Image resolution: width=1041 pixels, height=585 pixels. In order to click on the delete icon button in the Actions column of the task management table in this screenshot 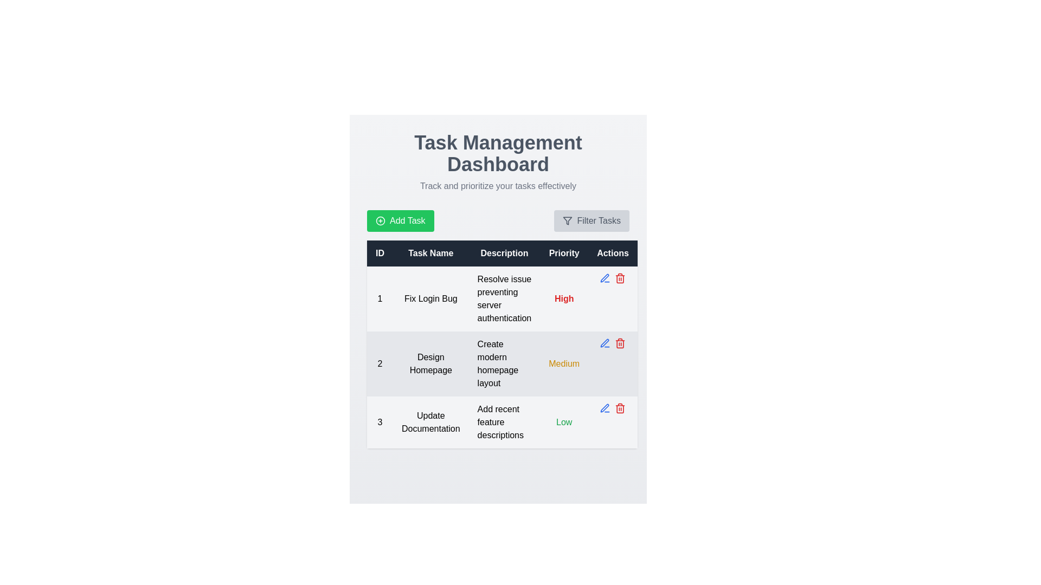, I will do `click(620, 409)`.